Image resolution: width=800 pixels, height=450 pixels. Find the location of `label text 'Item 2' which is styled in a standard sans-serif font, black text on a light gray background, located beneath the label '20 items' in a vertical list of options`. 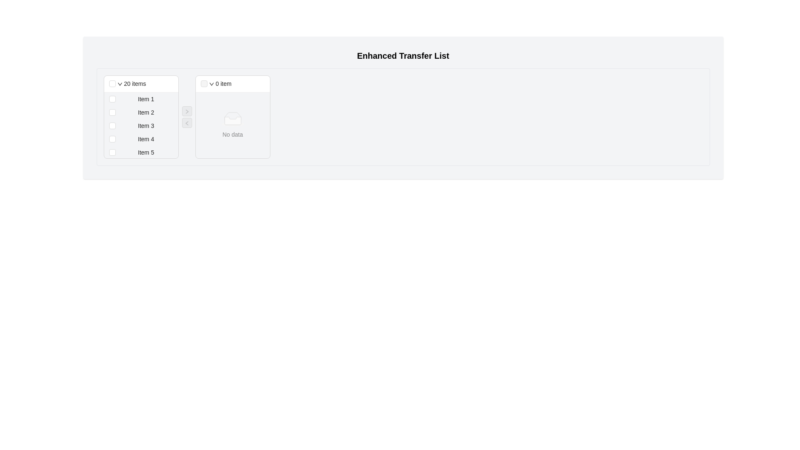

label text 'Item 2' which is styled in a standard sans-serif font, black text on a light gray background, located beneath the label '20 items' in a vertical list of options is located at coordinates (146, 112).